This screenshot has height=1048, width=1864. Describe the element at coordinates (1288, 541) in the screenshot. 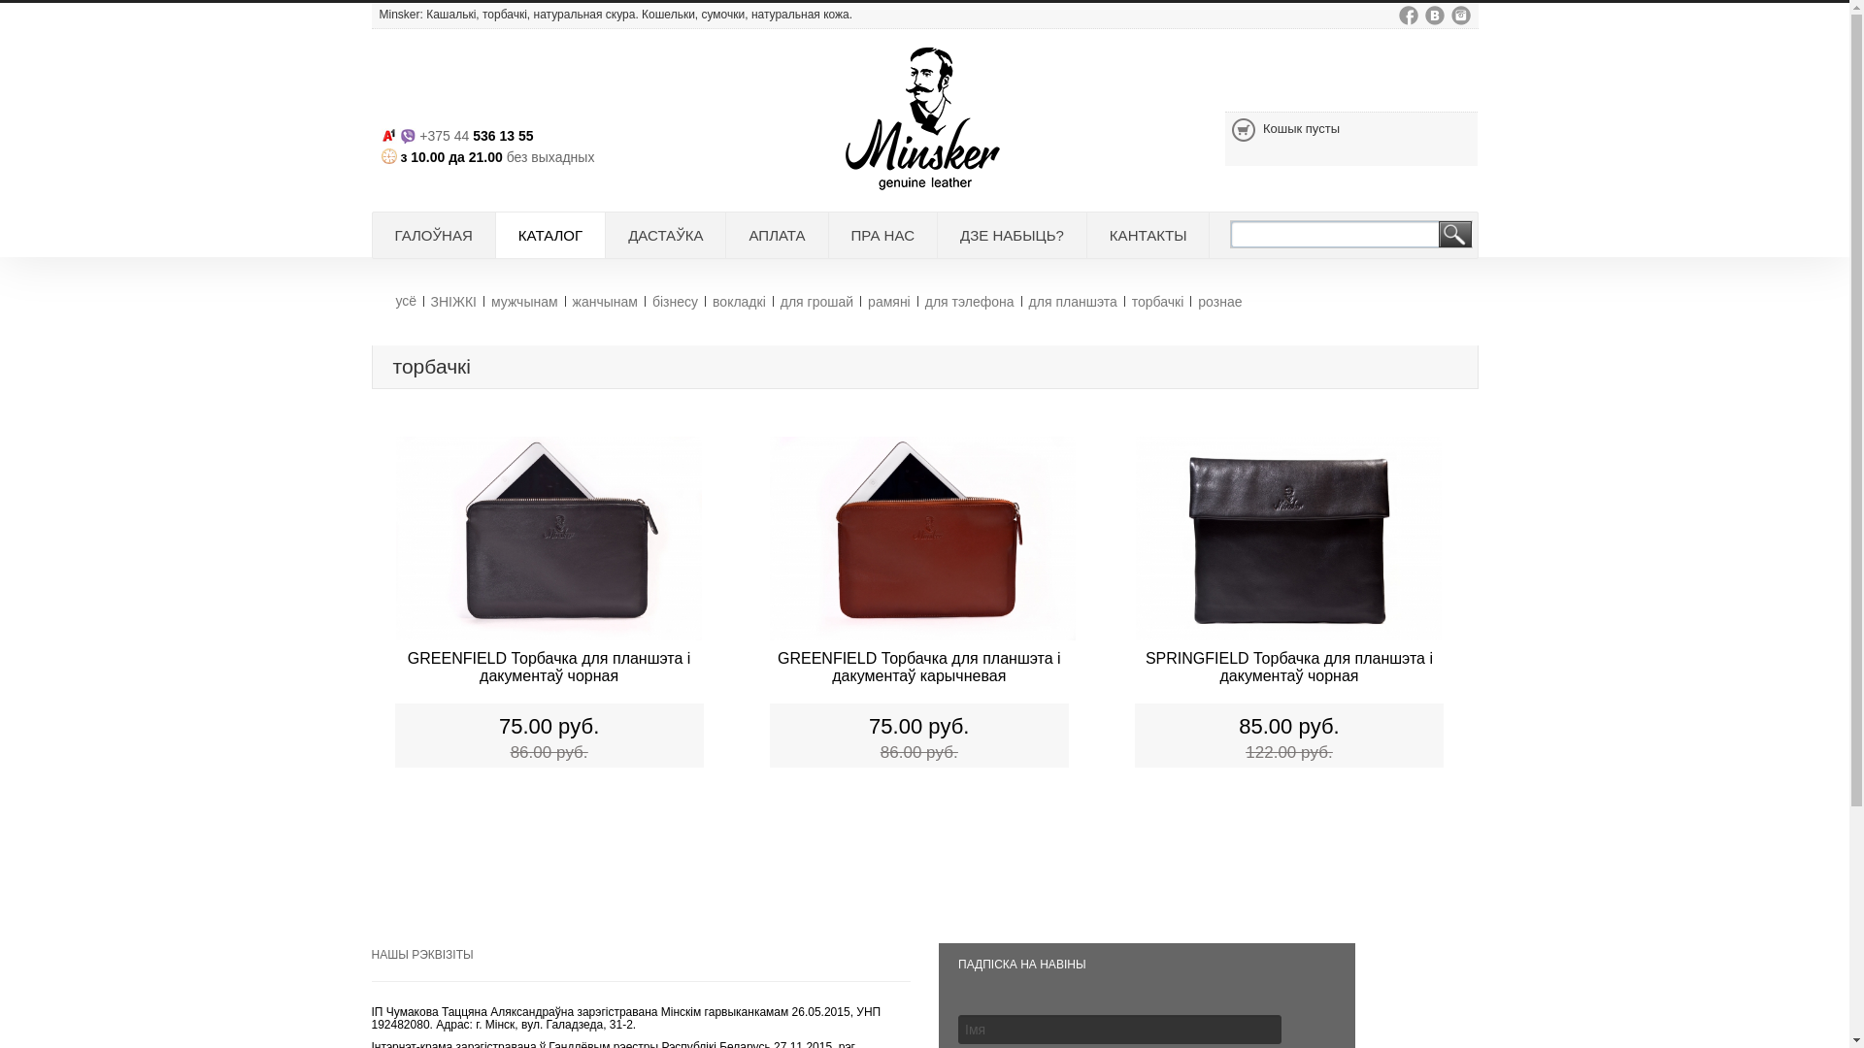

I see `'/katalog/bags/springfield-black.php'` at that location.